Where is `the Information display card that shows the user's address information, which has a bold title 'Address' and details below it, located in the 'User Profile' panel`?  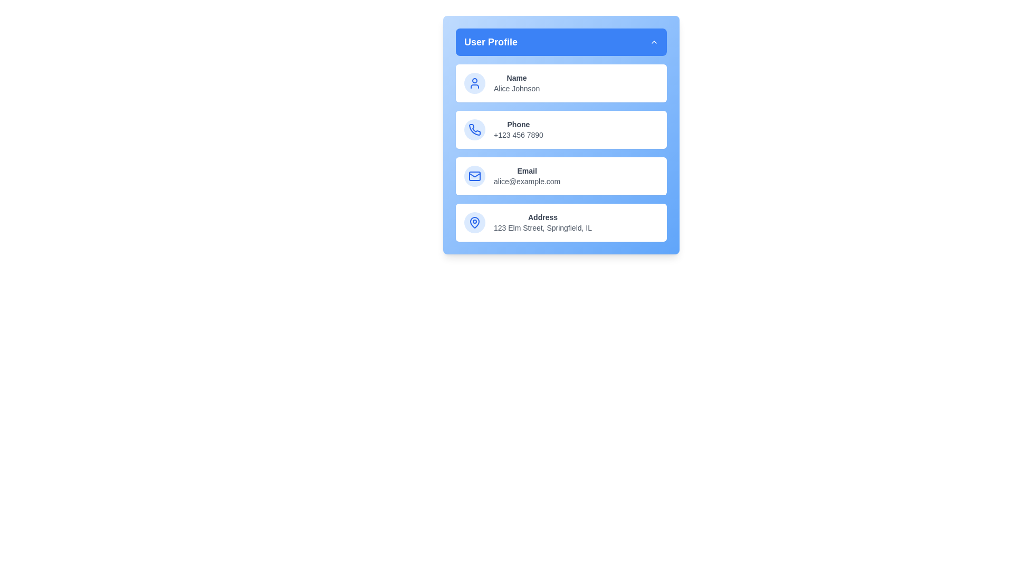
the Information display card that shows the user's address information, which has a bold title 'Address' and details below it, located in the 'User Profile' panel is located at coordinates (561, 222).